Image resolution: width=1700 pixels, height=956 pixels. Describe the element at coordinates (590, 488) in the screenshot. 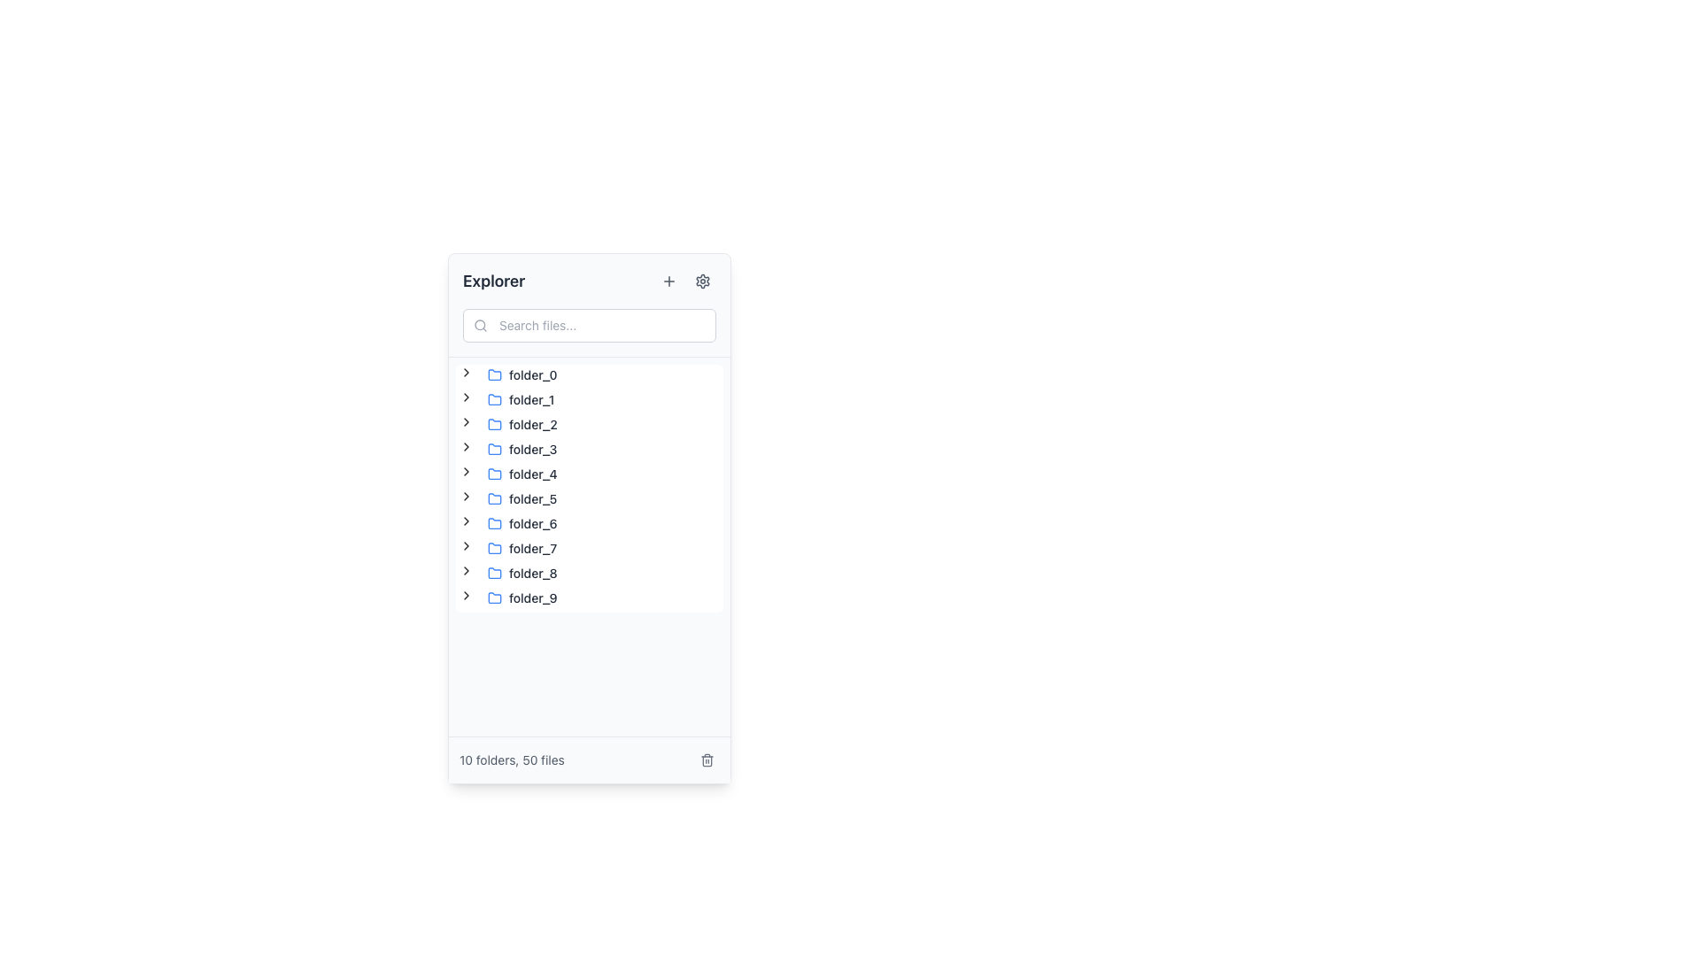

I see `the folder` at that location.